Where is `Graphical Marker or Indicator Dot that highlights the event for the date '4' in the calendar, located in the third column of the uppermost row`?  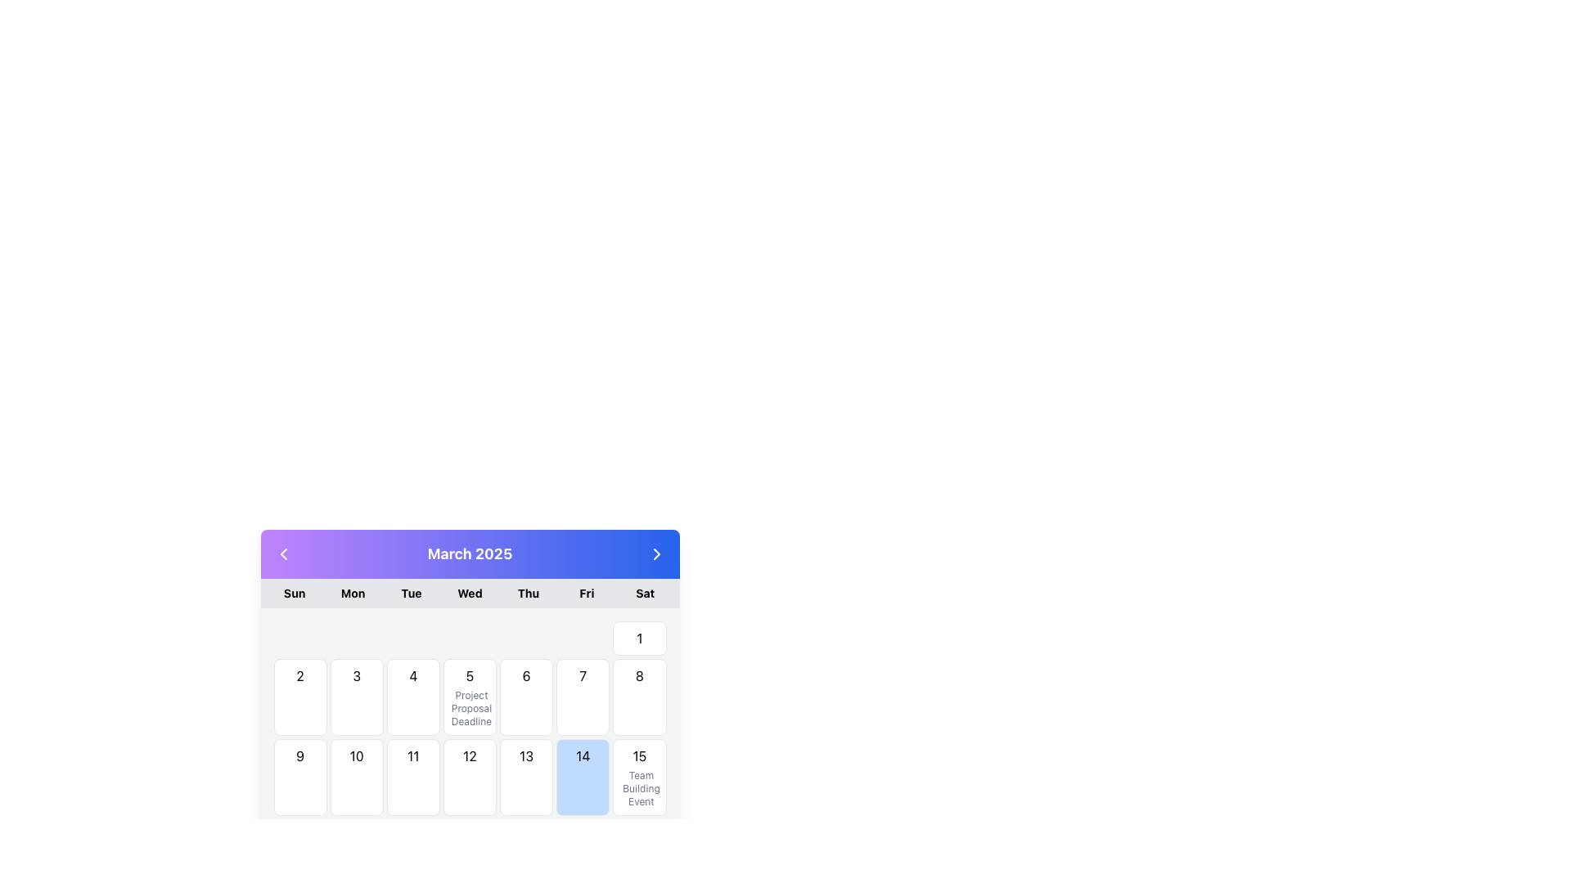
Graphical Marker or Indicator Dot that highlights the event for the date '4' in the calendar, located in the third column of the uppermost row is located at coordinates (412, 637).